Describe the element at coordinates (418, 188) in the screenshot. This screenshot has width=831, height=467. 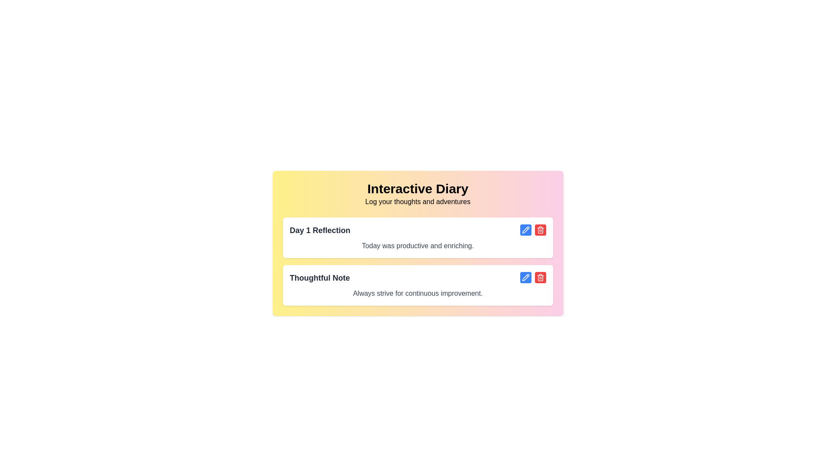
I see `the 'Interactive Diary' text label, which is prominently displayed in a bold and large font at the top of the content box with a yellow to pink gradient background` at that location.